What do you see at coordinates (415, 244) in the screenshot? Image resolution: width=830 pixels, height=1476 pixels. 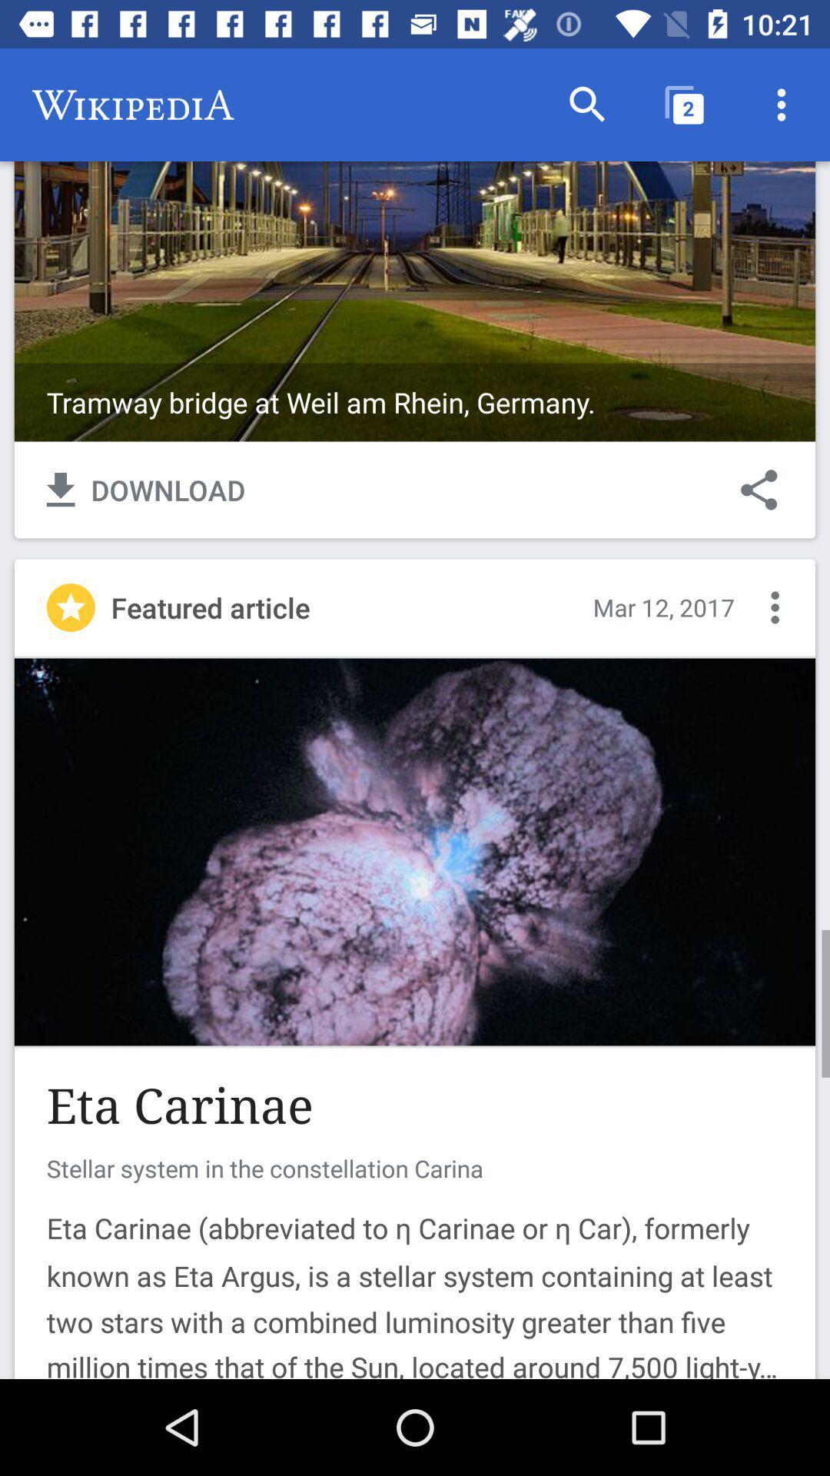 I see `cover page background` at bounding box center [415, 244].